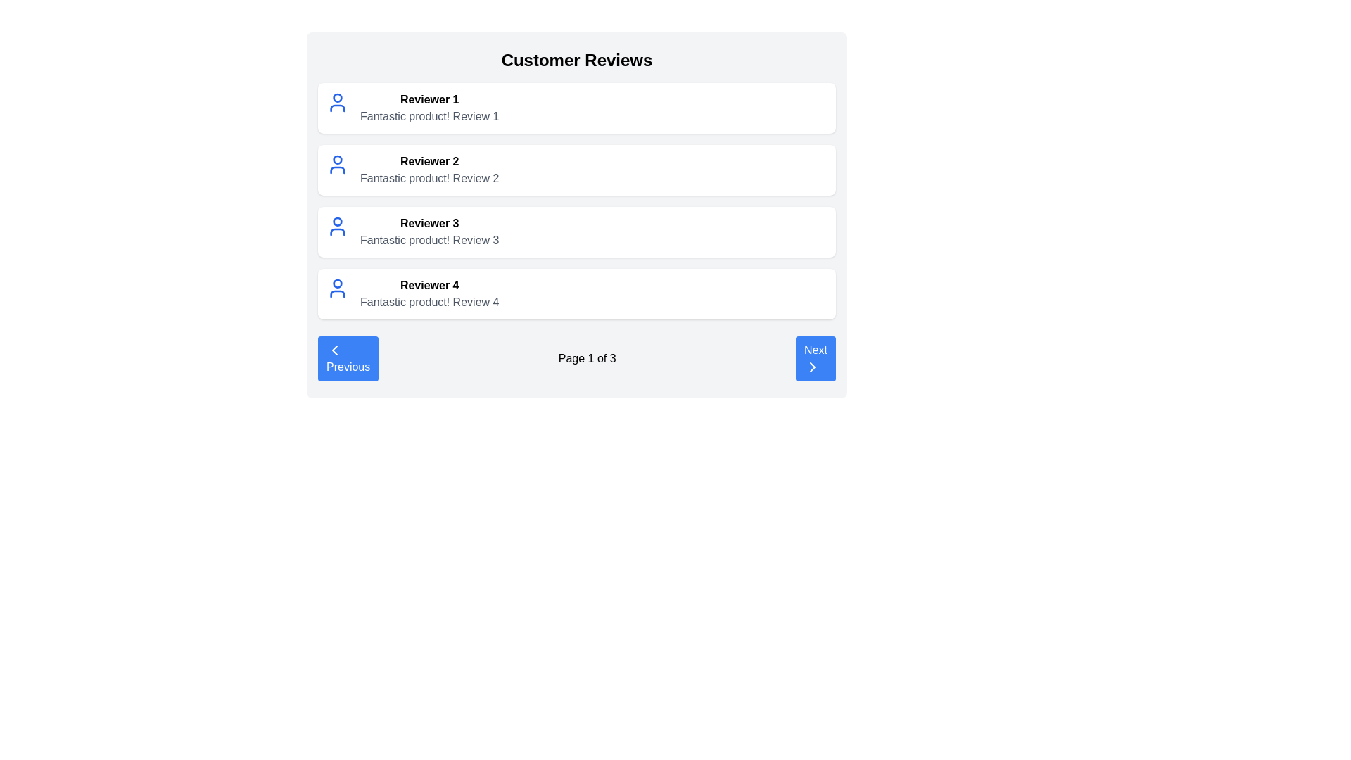 The image size is (1351, 760). What do you see at coordinates (429, 170) in the screenshot?
I see `text content of the second review entry displayed below 'Reviewer 1' and above 'Reviewer 3' in the review list` at bounding box center [429, 170].